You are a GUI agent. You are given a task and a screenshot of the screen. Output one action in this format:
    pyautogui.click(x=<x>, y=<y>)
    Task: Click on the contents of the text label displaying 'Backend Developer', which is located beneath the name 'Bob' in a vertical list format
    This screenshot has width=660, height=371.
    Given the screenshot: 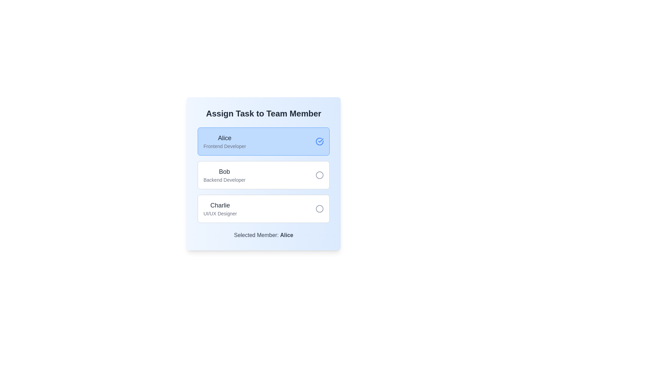 What is the action you would take?
    pyautogui.click(x=224, y=180)
    